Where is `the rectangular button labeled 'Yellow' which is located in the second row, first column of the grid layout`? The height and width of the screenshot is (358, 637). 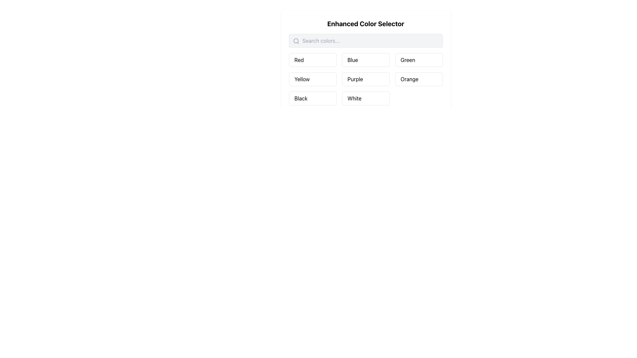 the rectangular button labeled 'Yellow' which is located in the second row, first column of the grid layout is located at coordinates (312, 79).